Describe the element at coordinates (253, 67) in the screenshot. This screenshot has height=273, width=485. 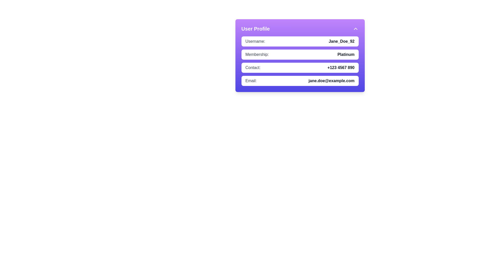
I see `the static text label displaying 'Contact:' which is located within a card-like area with a white background and rounded corners` at that location.